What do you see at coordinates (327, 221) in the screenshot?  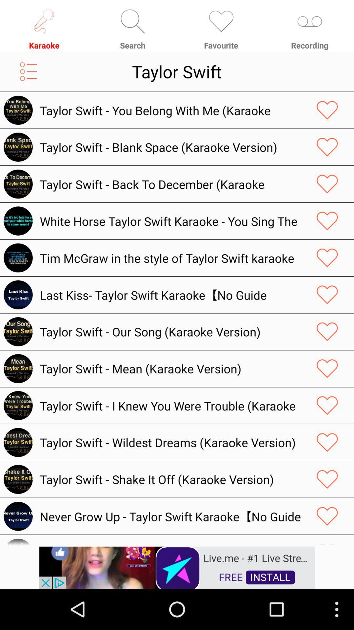 I see `like` at bounding box center [327, 221].